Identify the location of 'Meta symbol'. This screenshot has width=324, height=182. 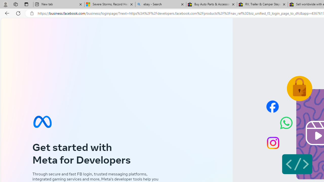
(42, 122).